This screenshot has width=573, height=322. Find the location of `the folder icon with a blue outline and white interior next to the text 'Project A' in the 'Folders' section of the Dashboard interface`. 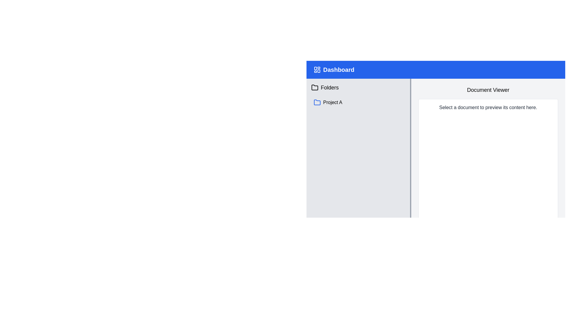

the folder icon with a blue outline and white interior next to the text 'Project A' in the 'Folders' section of the Dashboard interface is located at coordinates (317, 102).